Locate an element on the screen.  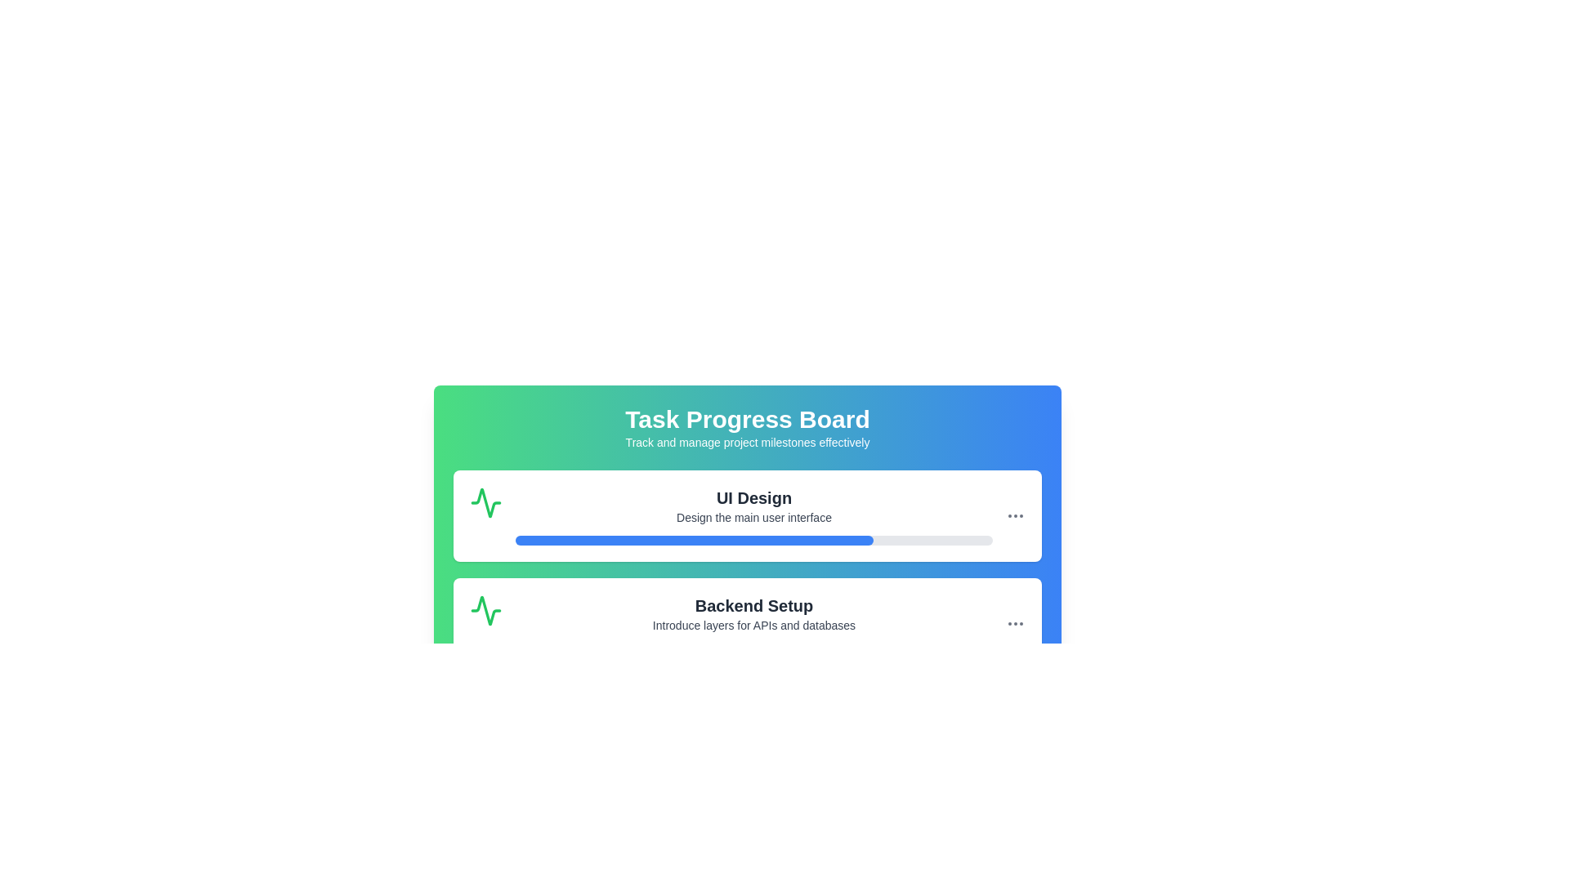
the three-dot menu icon located on the rightmost side of the 'UI Design' card in the 'Task Progress Board' interface is located at coordinates (1015, 516).